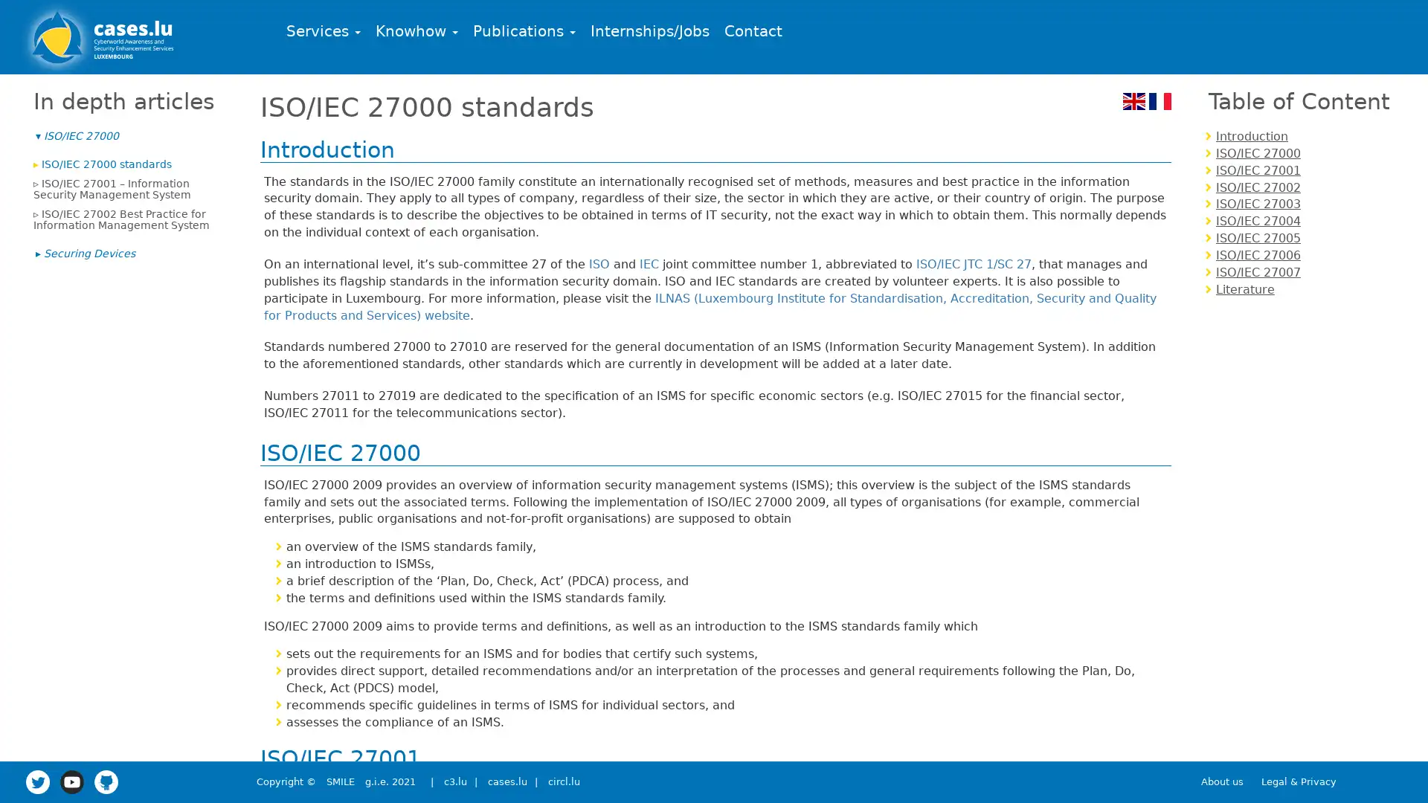 Image resolution: width=1428 pixels, height=803 pixels. Describe the element at coordinates (128, 253) in the screenshot. I see `Securing Devices` at that location.